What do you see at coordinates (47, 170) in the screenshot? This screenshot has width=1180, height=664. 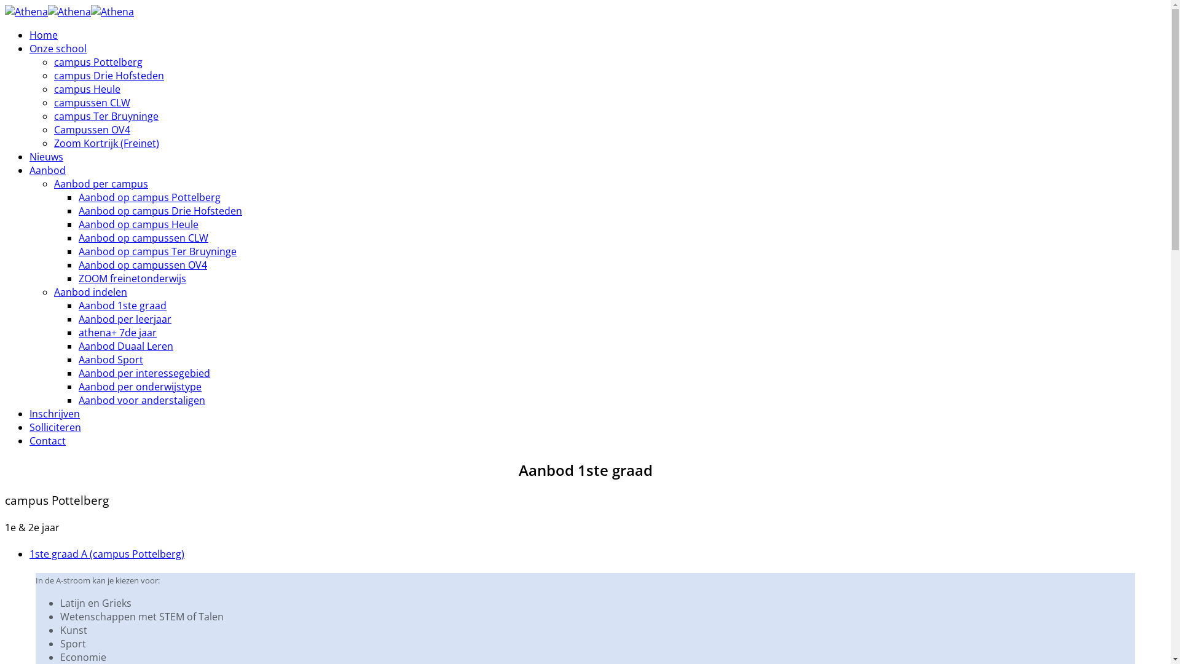 I see `'Aanbod'` at bounding box center [47, 170].